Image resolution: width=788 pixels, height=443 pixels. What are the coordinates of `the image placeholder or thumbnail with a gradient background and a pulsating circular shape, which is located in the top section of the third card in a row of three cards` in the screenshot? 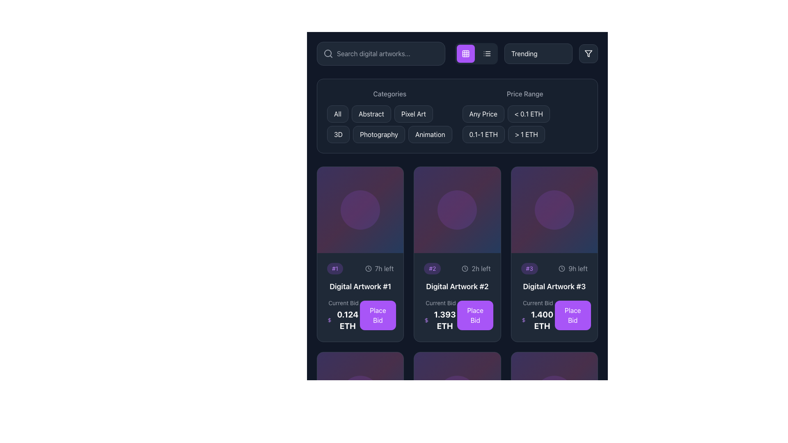 It's located at (554, 210).